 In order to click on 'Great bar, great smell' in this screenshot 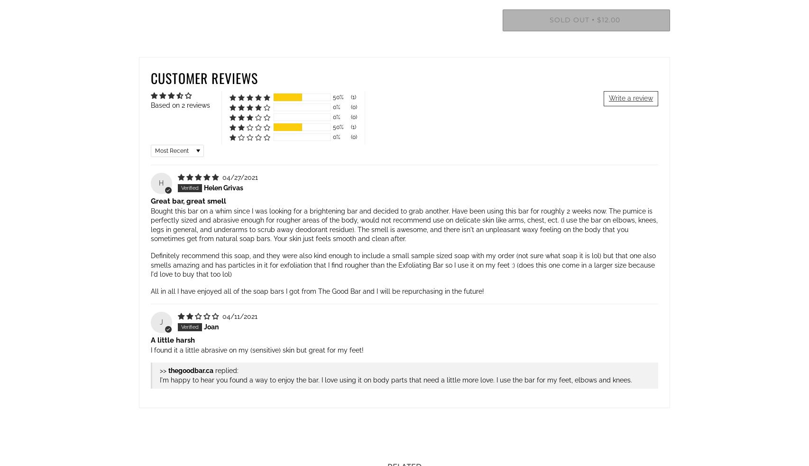, I will do `click(188, 201)`.